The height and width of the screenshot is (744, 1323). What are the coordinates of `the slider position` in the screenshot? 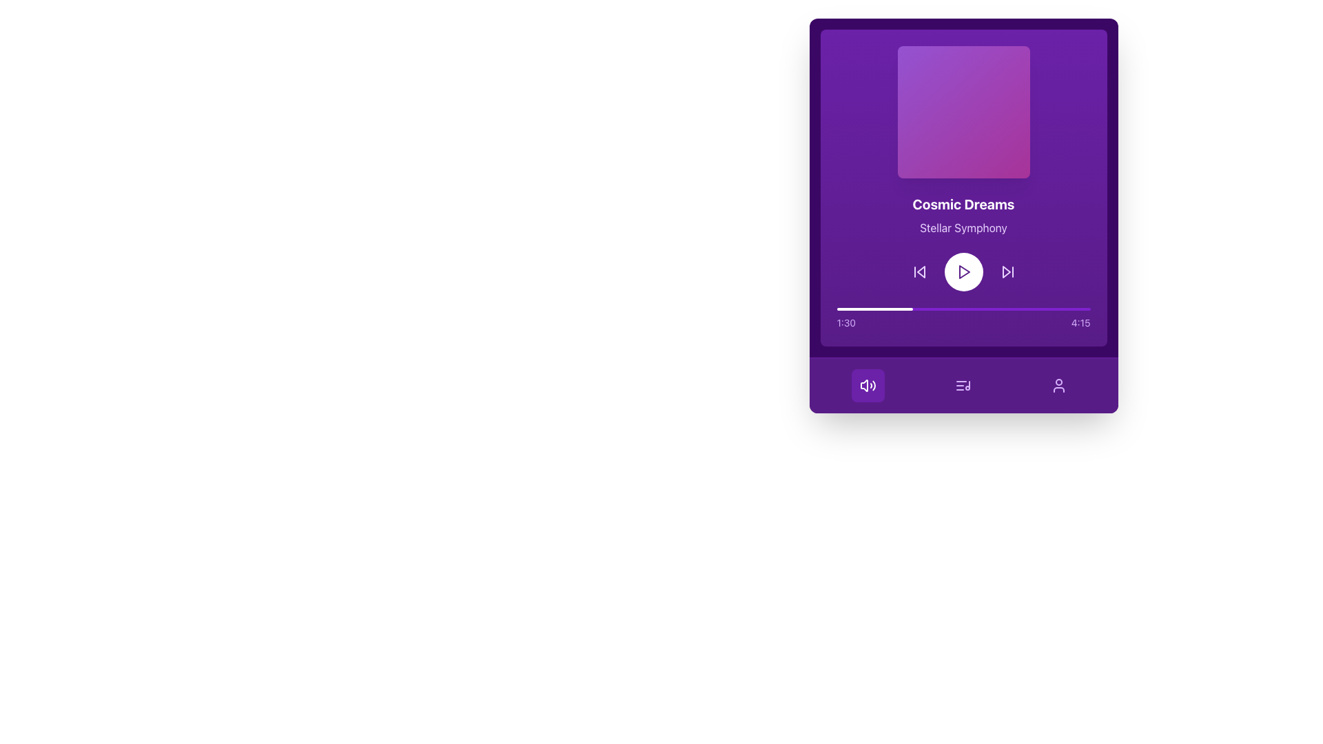 It's located at (909, 308).